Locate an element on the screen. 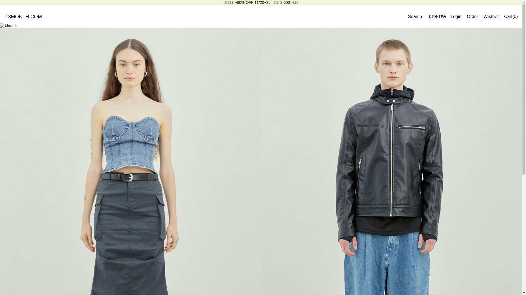 This screenshot has height=295, width=526. 'KR/KRW' is located at coordinates (437, 16).